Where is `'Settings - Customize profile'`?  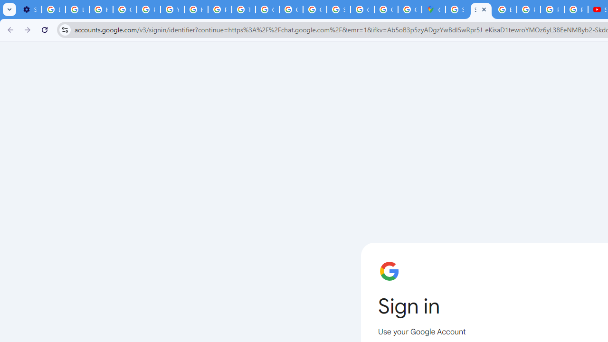 'Settings - Customize profile' is located at coordinates (29, 9).